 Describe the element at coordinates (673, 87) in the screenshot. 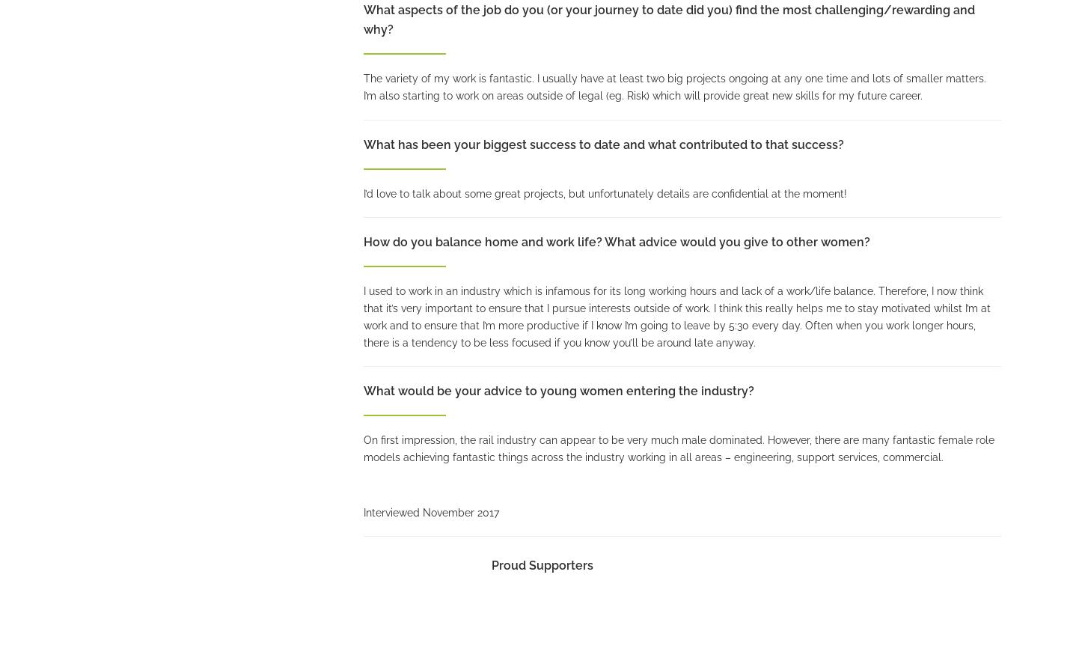

I see `'The variety of my work is fantastic. I usually have at least two big projects ongoing at any one time and lots of smaller matters. I’m also starting to work on areas outside of legal (eg. Risk) which will provide great new skills for my future career.'` at that location.